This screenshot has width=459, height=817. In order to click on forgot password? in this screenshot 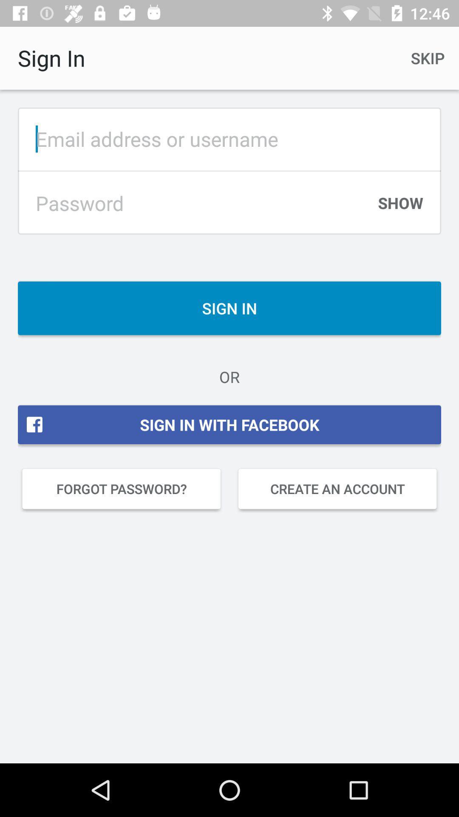, I will do `click(121, 488)`.